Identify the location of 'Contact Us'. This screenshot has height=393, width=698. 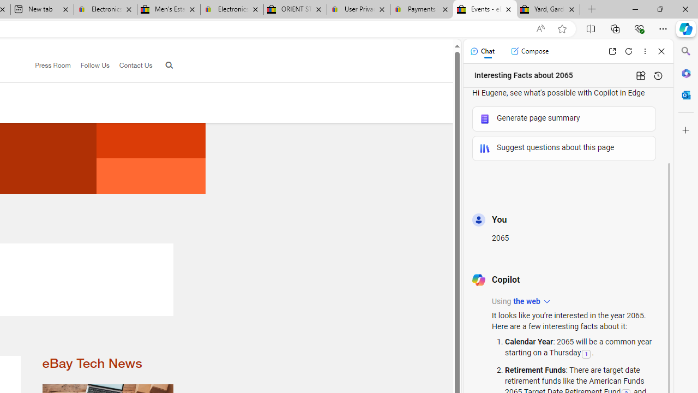
(131, 65).